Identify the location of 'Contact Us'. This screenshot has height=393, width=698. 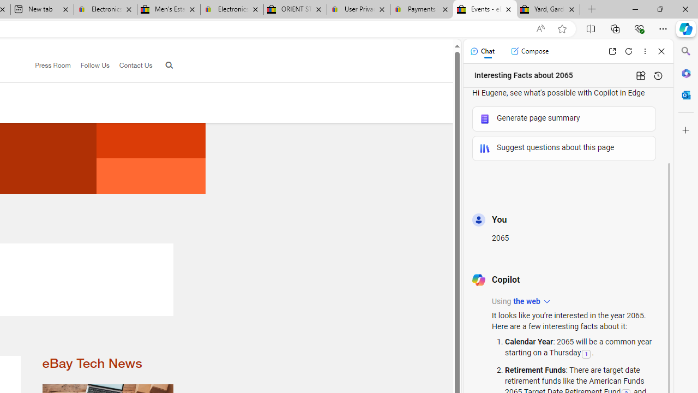
(131, 65).